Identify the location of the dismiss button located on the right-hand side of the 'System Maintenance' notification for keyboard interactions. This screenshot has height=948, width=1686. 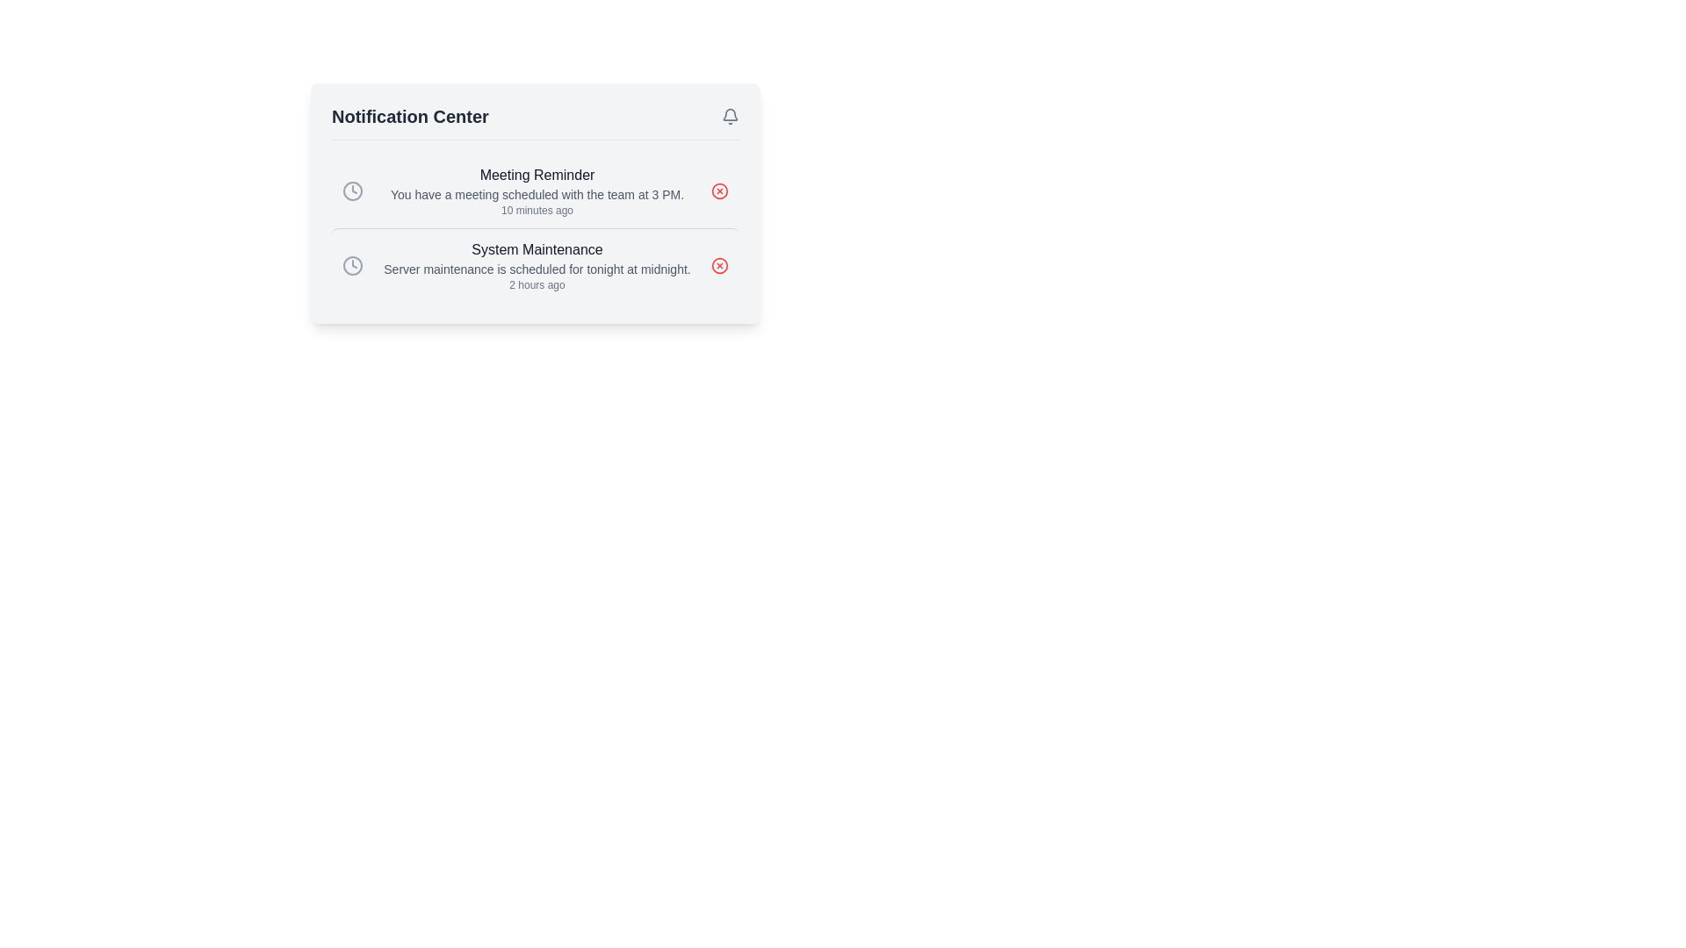
(720, 266).